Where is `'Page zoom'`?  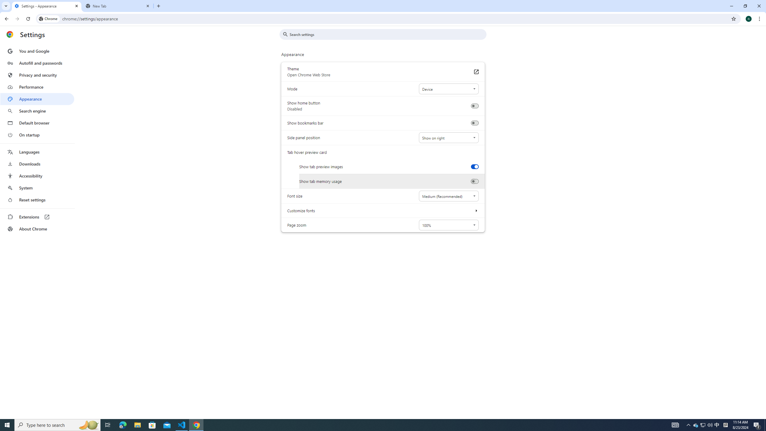
'Page zoom' is located at coordinates (448, 225).